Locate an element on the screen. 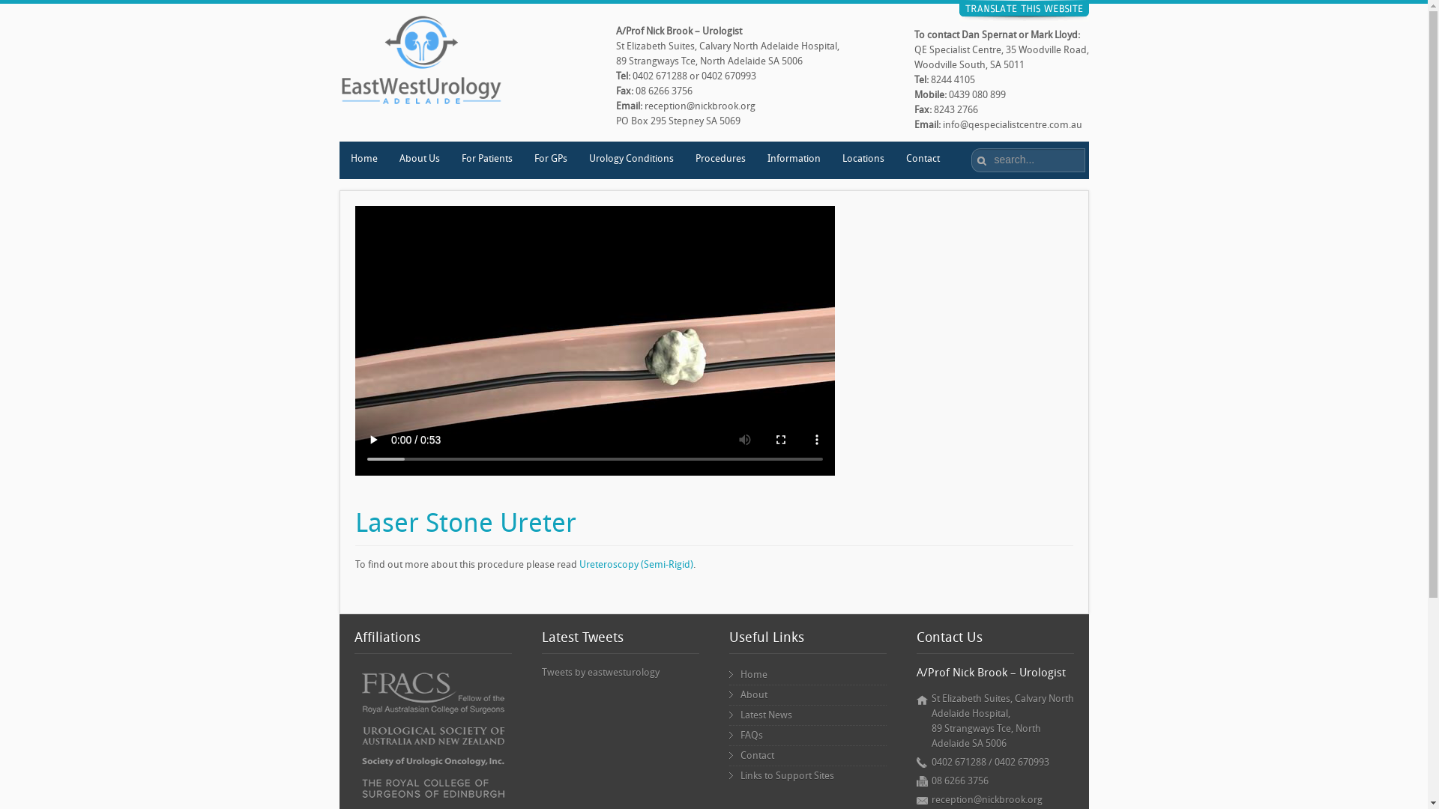 This screenshot has width=1439, height=809. '08 6266 3756' is located at coordinates (930, 780).